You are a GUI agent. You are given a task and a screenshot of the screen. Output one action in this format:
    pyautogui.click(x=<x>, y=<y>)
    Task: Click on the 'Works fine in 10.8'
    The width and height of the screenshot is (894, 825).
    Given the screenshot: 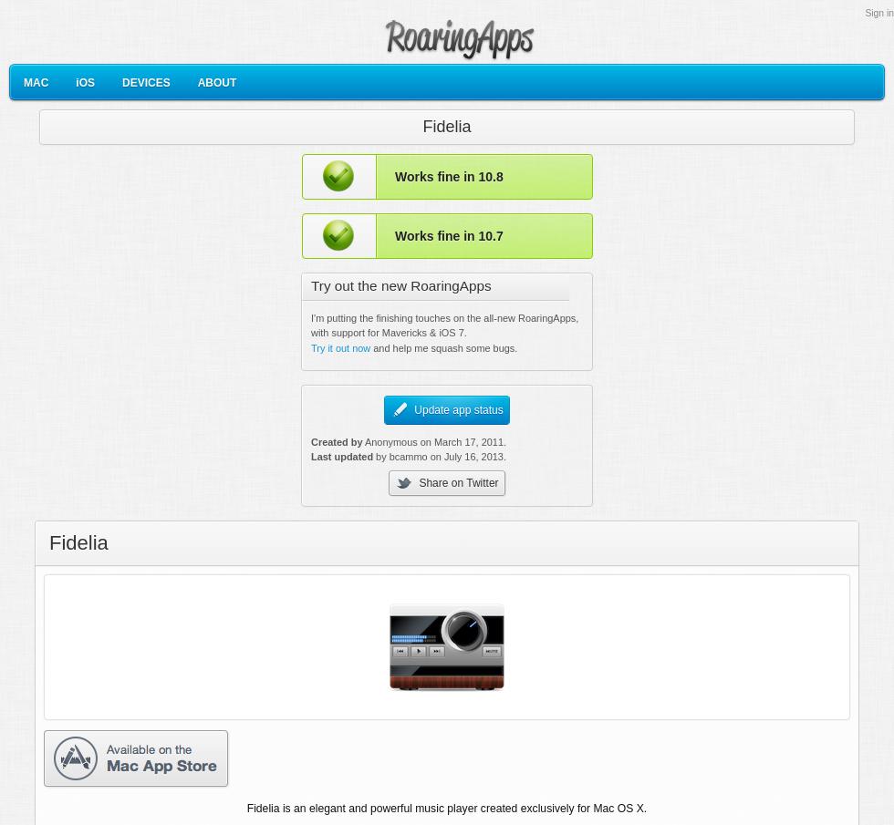 What is the action you would take?
    pyautogui.click(x=448, y=177)
    